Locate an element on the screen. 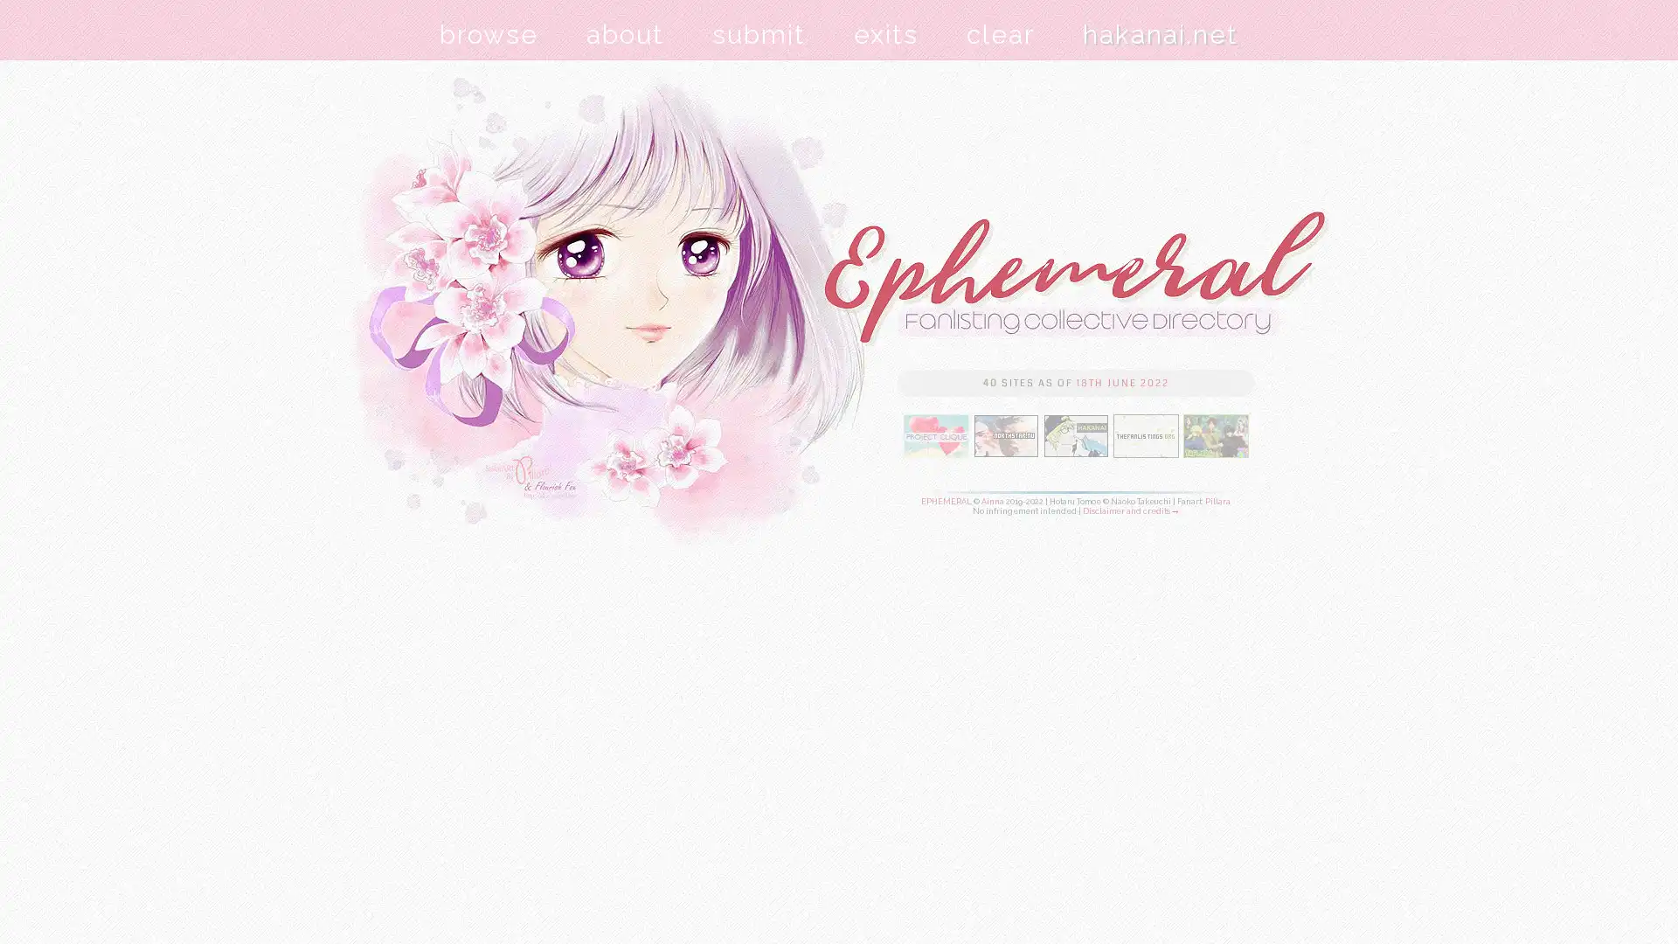  submit is located at coordinates (759, 34).